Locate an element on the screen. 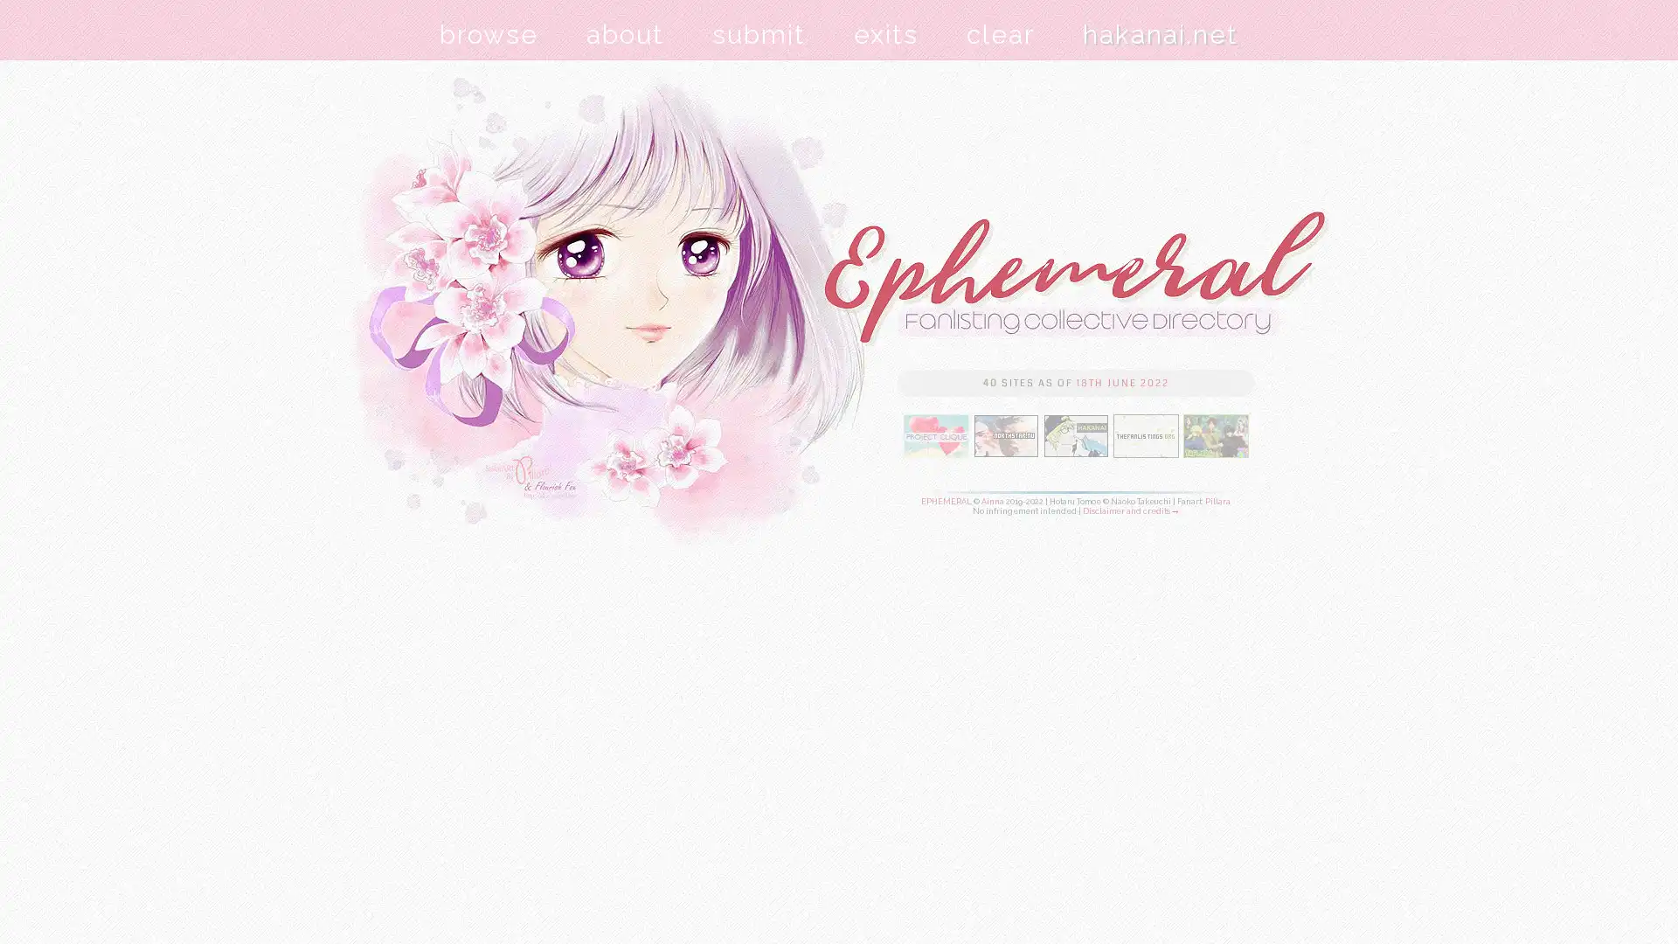  submit is located at coordinates (759, 34).